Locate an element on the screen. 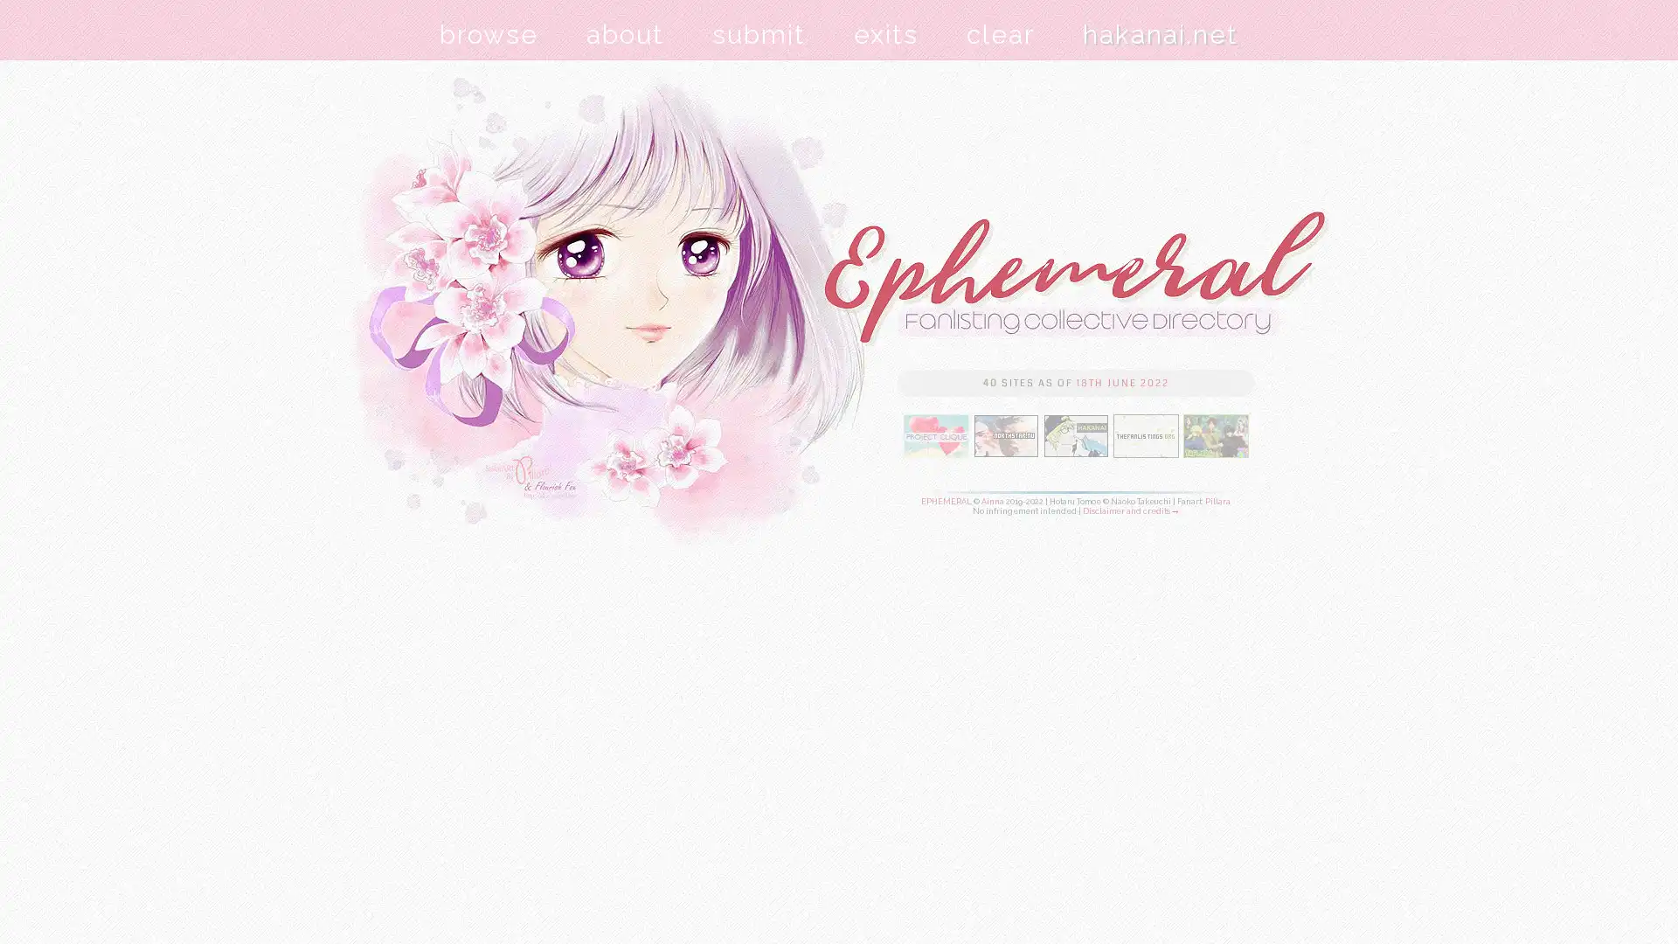  submit is located at coordinates (759, 34).